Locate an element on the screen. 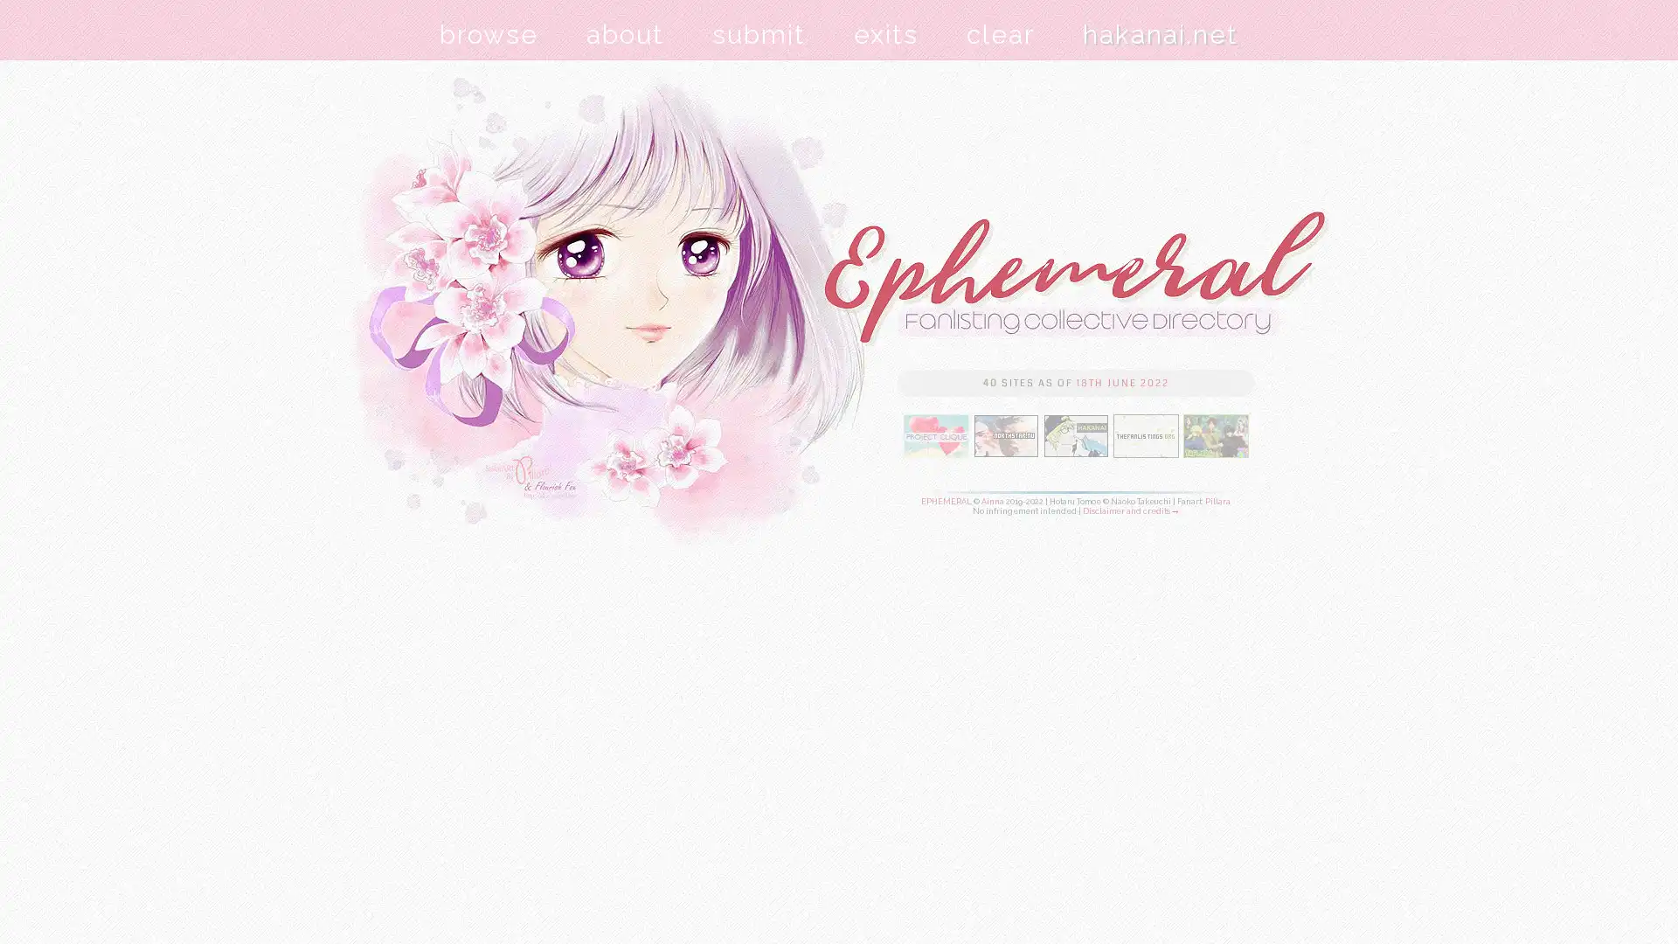  submit is located at coordinates (759, 34).